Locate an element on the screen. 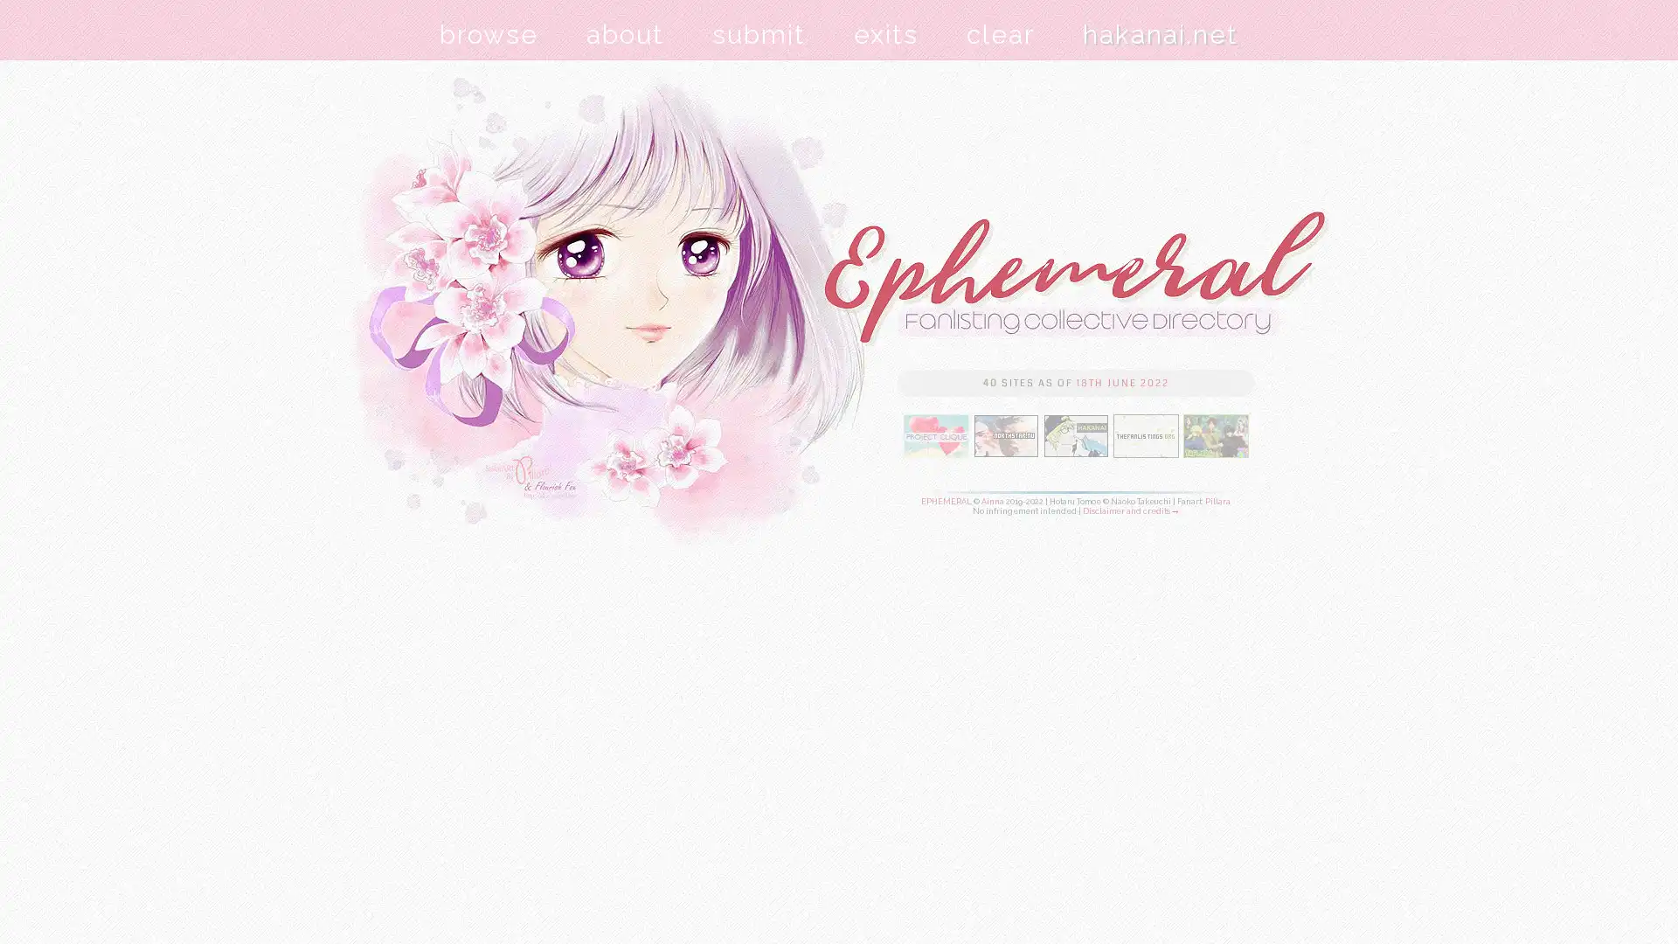  submit is located at coordinates (759, 34).